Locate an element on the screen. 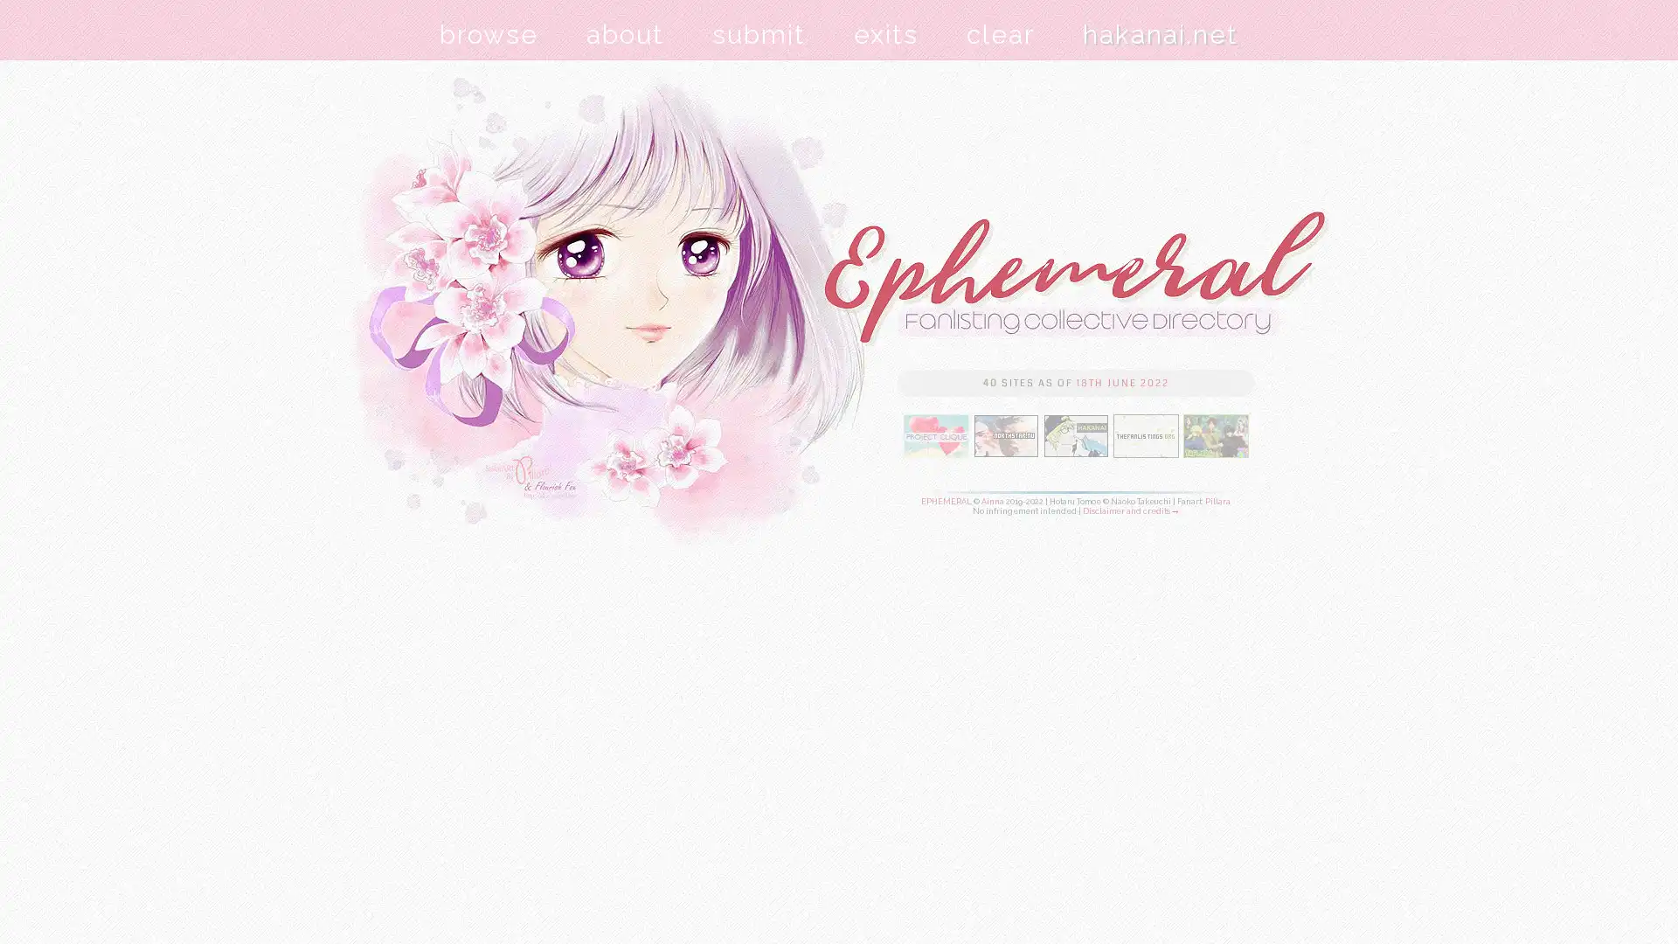  submit is located at coordinates (759, 34).